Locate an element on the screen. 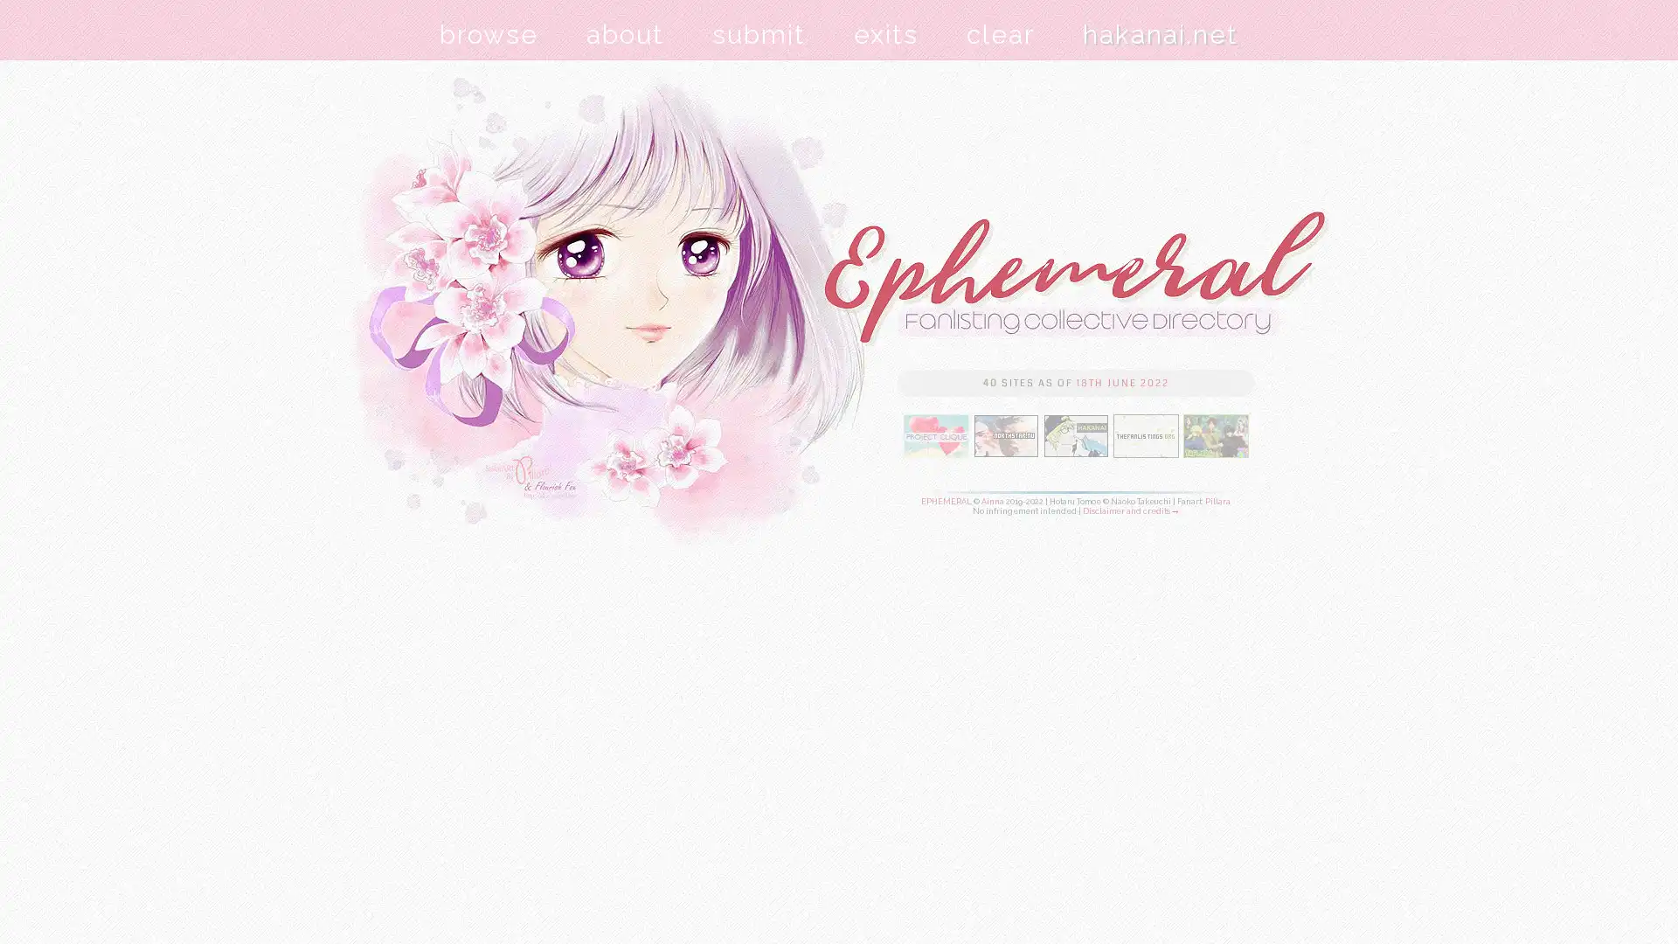  submit is located at coordinates (759, 34).